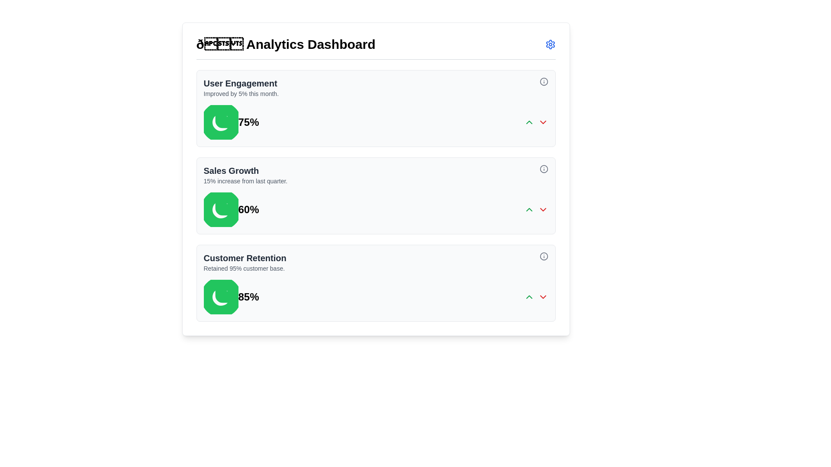 The height and width of the screenshot is (467, 831). Describe the element at coordinates (241, 93) in the screenshot. I see `the text element reading 'Improved by 5% this month.' which is styled with a smaller font size and gray color, located below the title 'User Engagement' in the first section of the dashboard` at that location.